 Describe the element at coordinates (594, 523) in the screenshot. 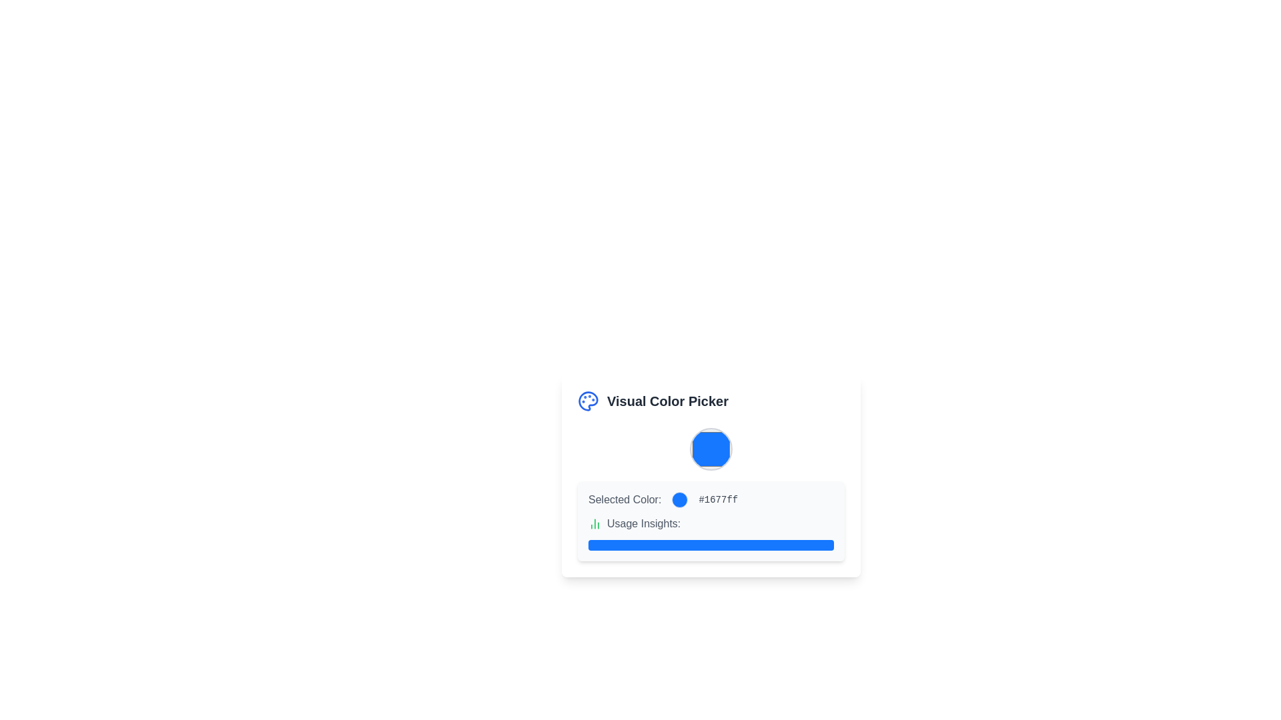

I see `the green bar chart icon located to the left of the 'Usage Insights:' text, which consists of three vertical bars of varying heights` at that location.